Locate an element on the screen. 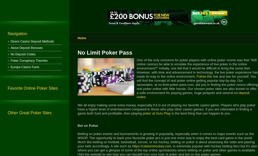 The image size is (258, 156). 'Follow this' is located at coordinates (204, 76).